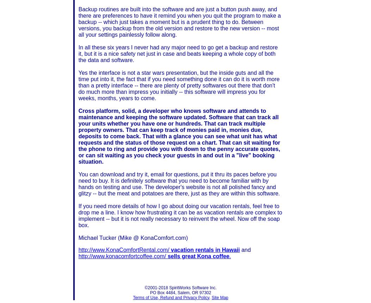 This screenshot has width=371, height=303. Describe the element at coordinates (180, 287) in the screenshot. I see `'©2001-2018 SpiritWorks Software Inc.'` at that location.